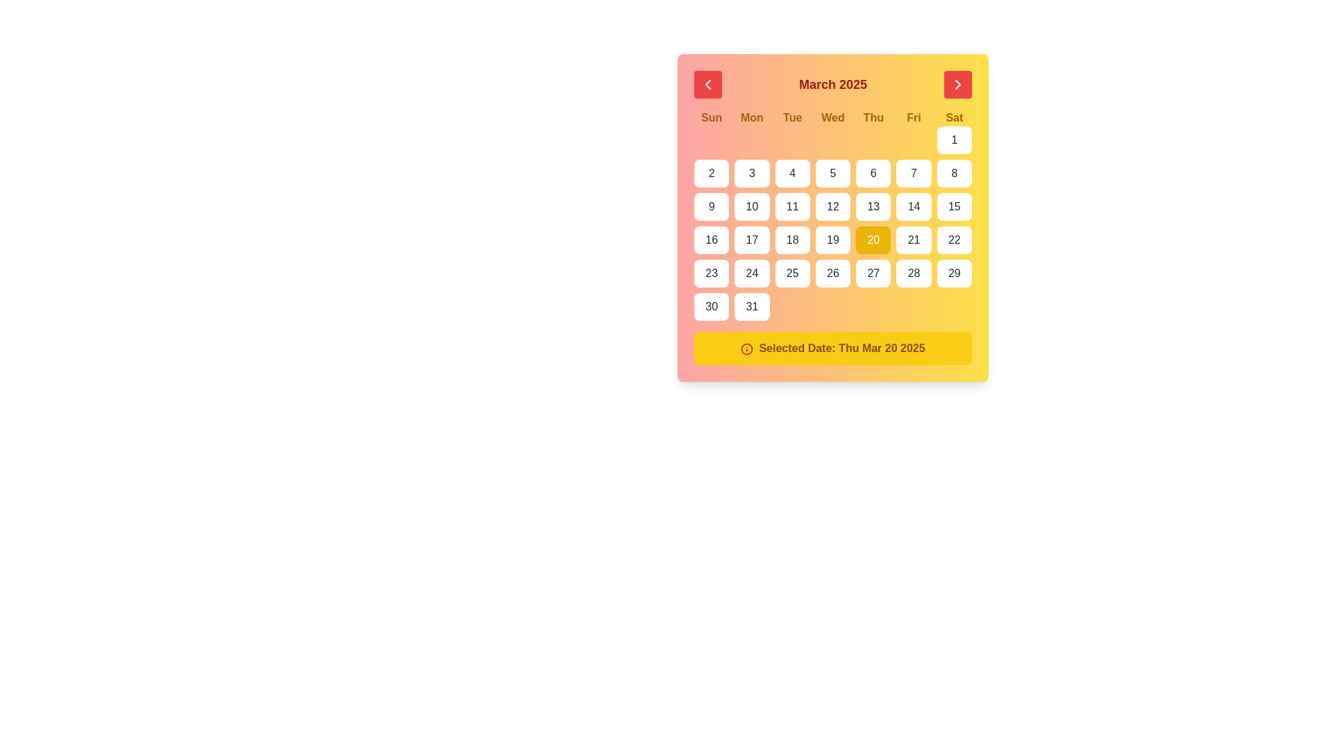 The width and height of the screenshot is (1333, 750). What do you see at coordinates (914, 206) in the screenshot?
I see `the button displaying the number '14' in the calendar layout` at bounding box center [914, 206].